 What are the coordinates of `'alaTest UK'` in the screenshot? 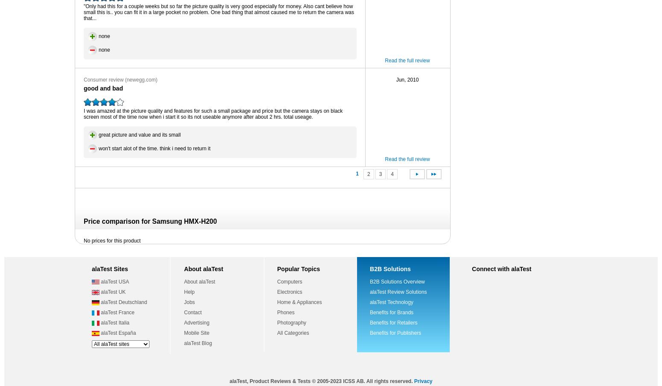 It's located at (112, 291).